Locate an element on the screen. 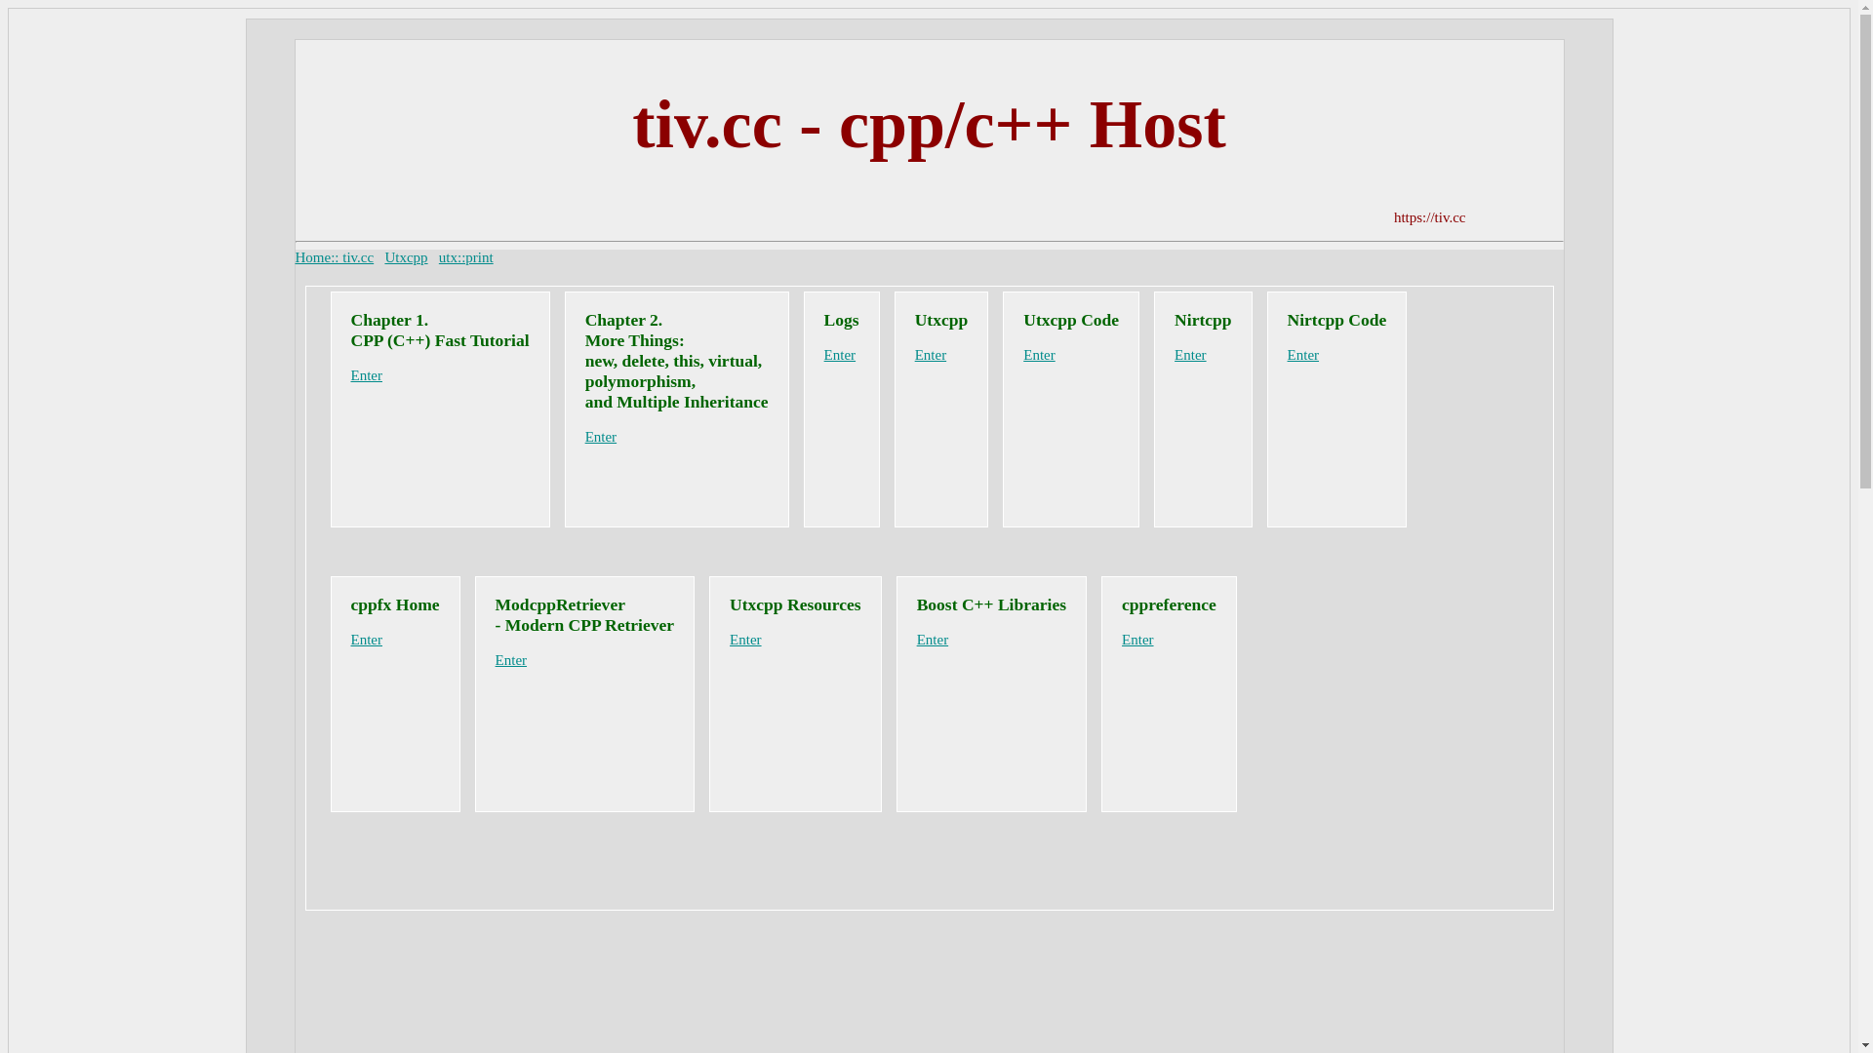 The height and width of the screenshot is (1053, 1873). 'Enter' is located at coordinates (916, 639).